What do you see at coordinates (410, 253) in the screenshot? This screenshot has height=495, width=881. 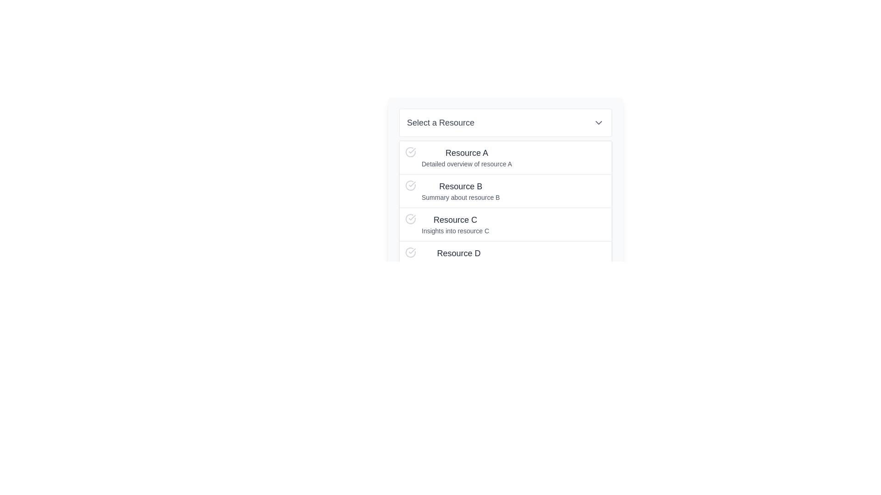 I see `the circular checkmark icon on the left side of the 'Resource D' list item, which has a thin black outline and light gray fill` at bounding box center [410, 253].